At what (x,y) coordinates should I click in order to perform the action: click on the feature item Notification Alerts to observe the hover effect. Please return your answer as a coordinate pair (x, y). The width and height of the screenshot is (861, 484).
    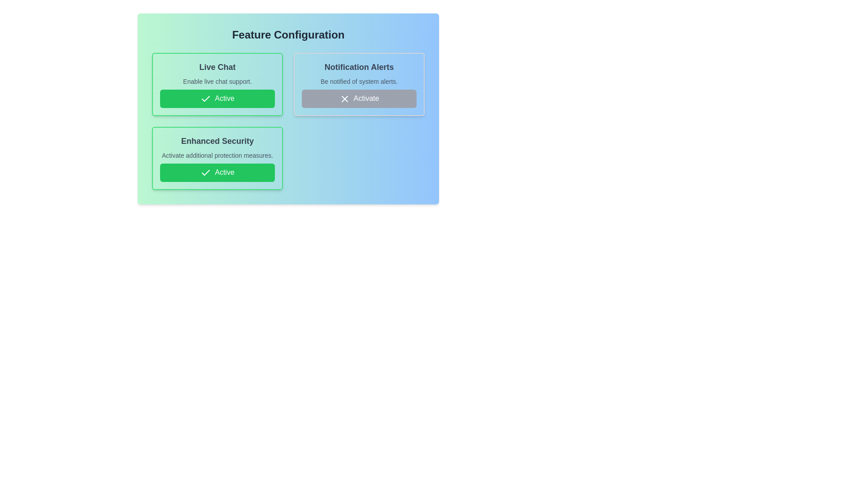
    Looking at the image, I should click on (359, 84).